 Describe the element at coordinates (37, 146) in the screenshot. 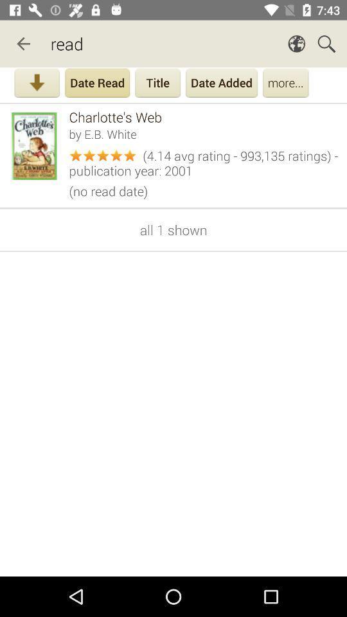

I see `icon to the left of charlotte's web` at that location.